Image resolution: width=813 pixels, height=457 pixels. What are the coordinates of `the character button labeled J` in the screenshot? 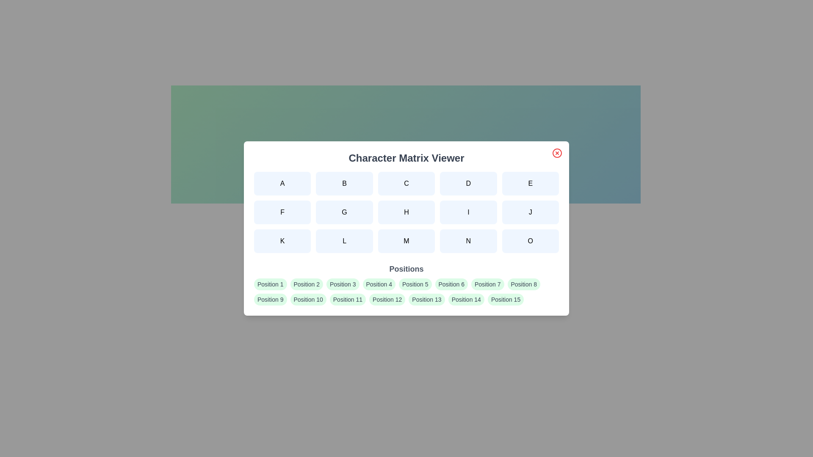 It's located at (530, 212).